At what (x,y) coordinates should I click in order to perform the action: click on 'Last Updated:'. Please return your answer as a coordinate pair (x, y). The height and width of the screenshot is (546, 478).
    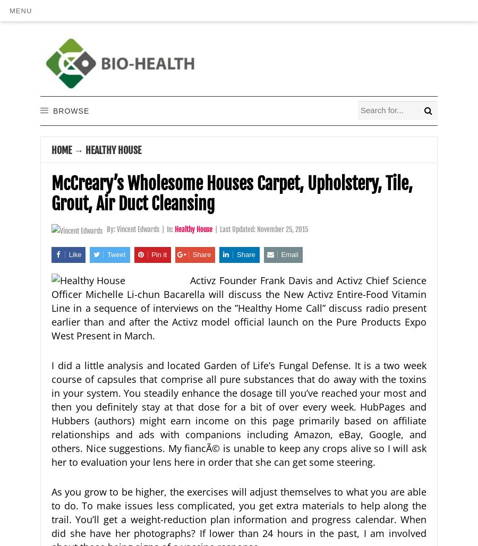
    Looking at the image, I should click on (238, 229).